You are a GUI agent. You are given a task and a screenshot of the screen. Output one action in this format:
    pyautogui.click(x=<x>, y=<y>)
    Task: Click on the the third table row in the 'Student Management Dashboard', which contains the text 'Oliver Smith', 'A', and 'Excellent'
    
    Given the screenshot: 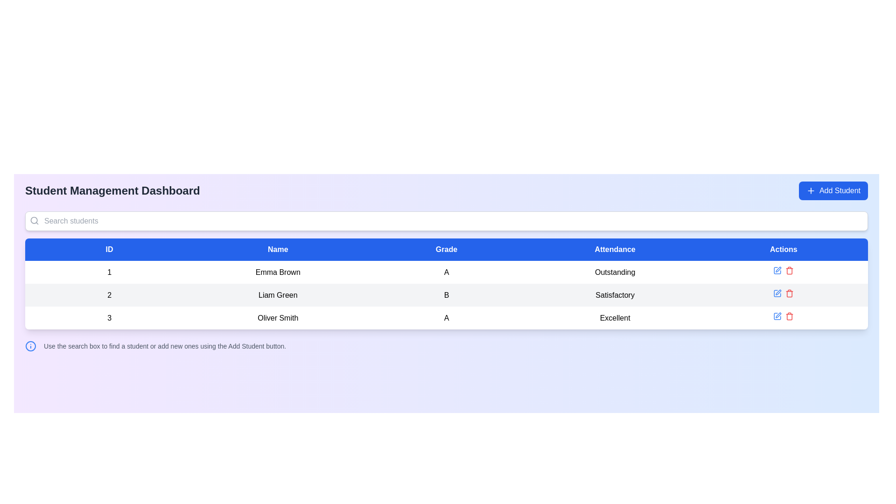 What is the action you would take?
    pyautogui.click(x=446, y=317)
    